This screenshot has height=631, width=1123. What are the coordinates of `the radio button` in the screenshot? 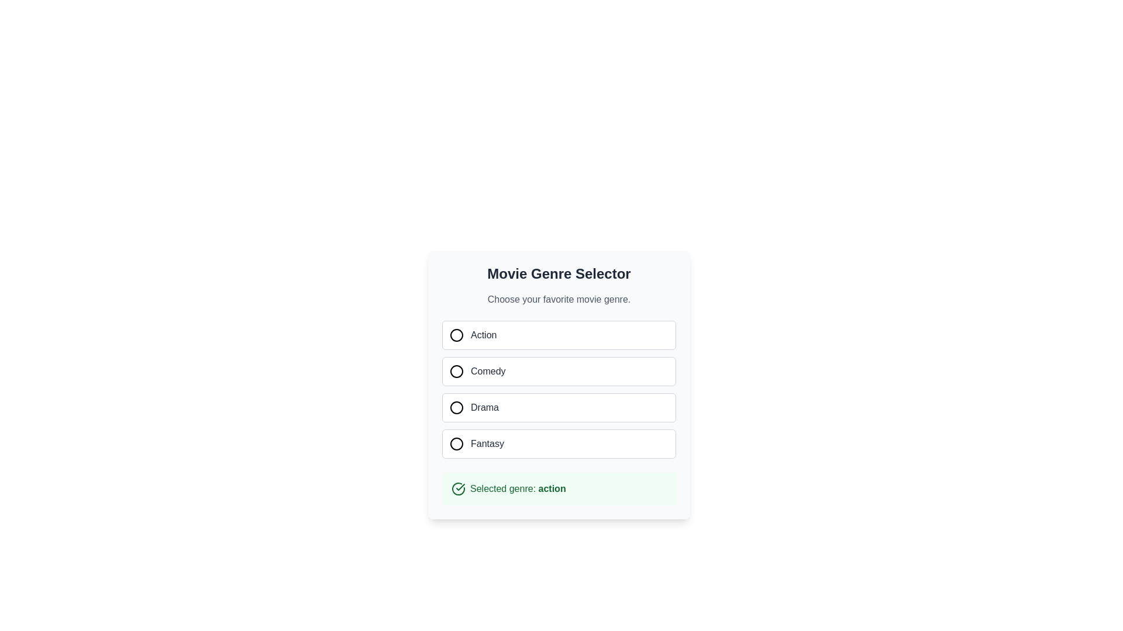 It's located at (456, 407).